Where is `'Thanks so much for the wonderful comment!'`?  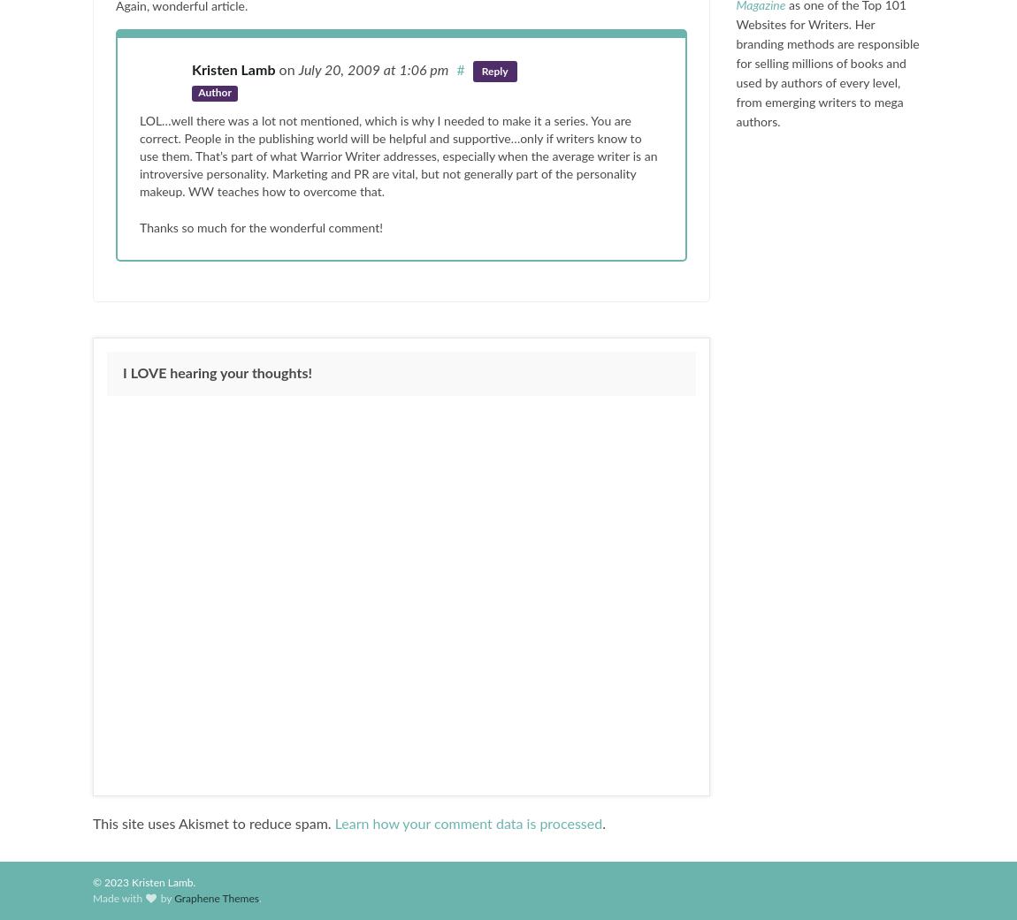
'Thanks so much for the wonderful comment!' is located at coordinates (261, 228).